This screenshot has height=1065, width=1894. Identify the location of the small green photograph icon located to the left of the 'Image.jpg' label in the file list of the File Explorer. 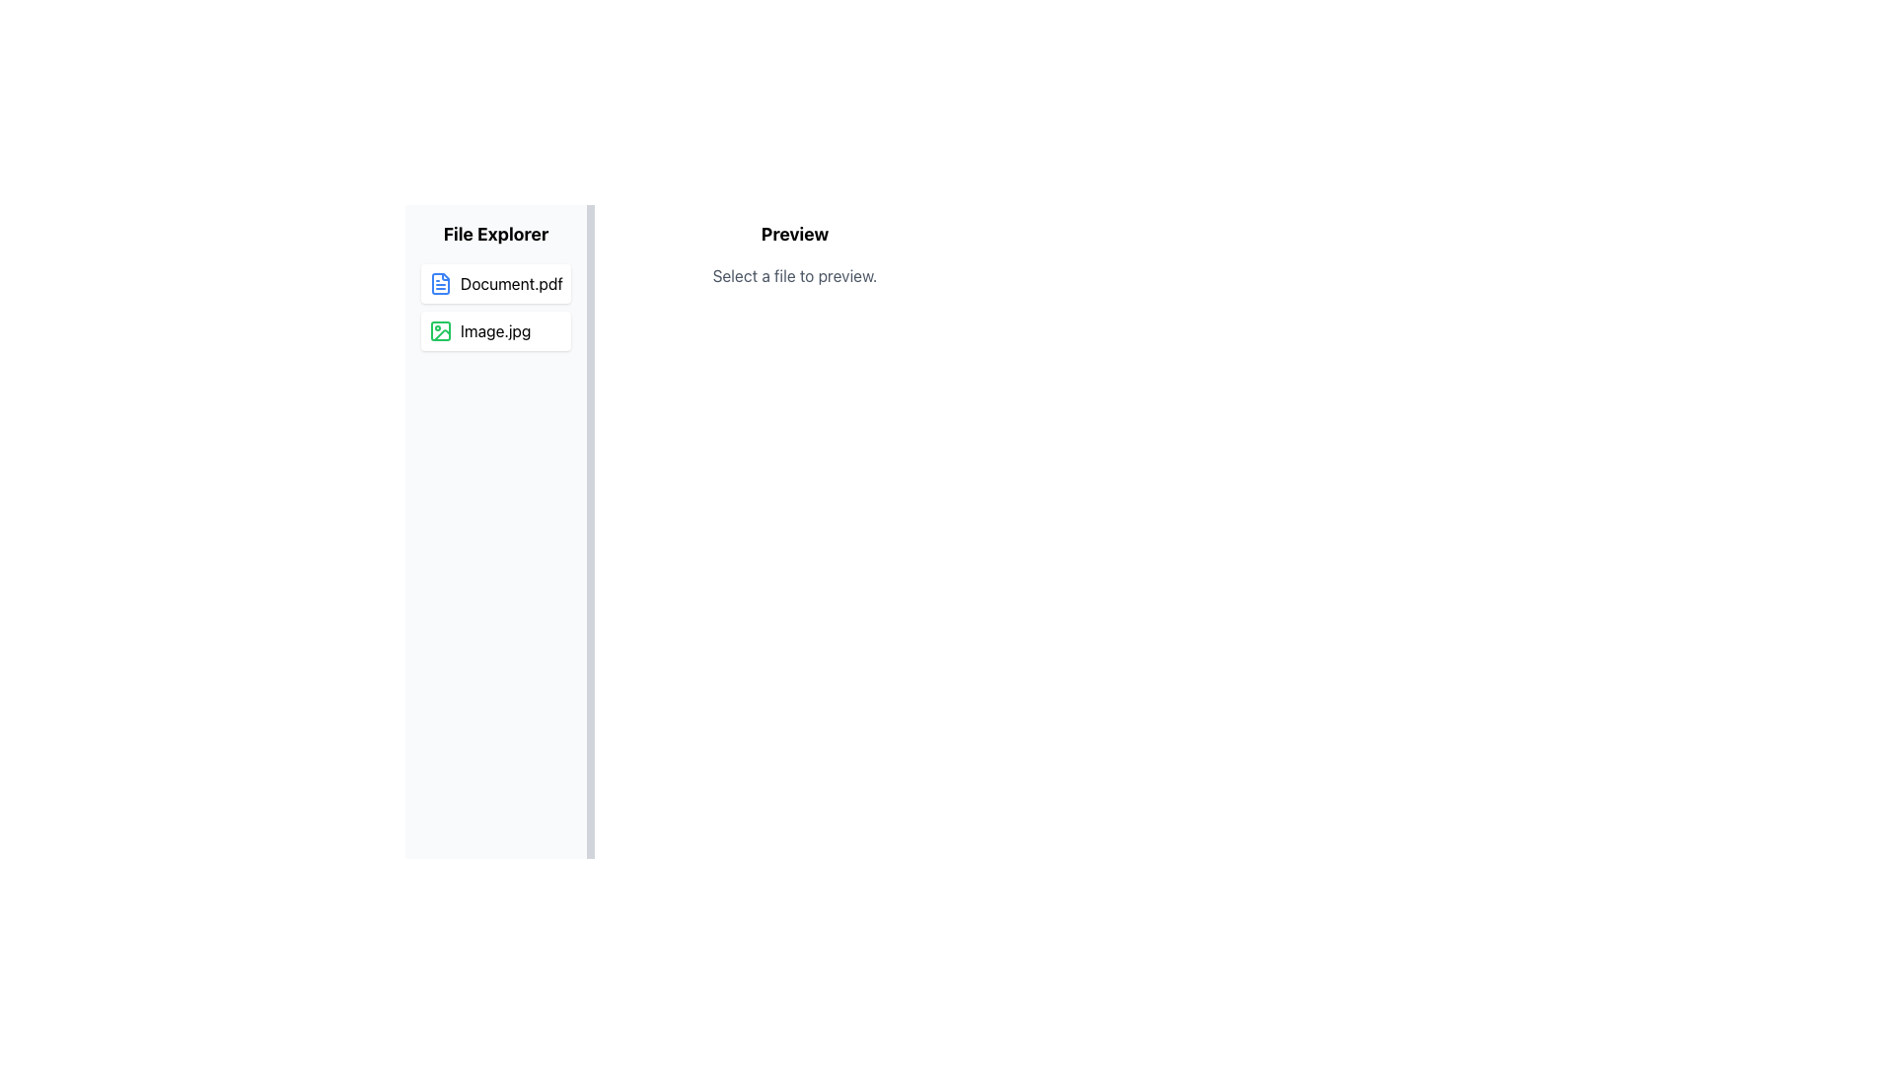
(439, 329).